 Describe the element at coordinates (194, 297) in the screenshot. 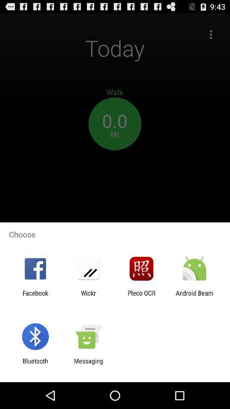

I see `the android beam` at that location.